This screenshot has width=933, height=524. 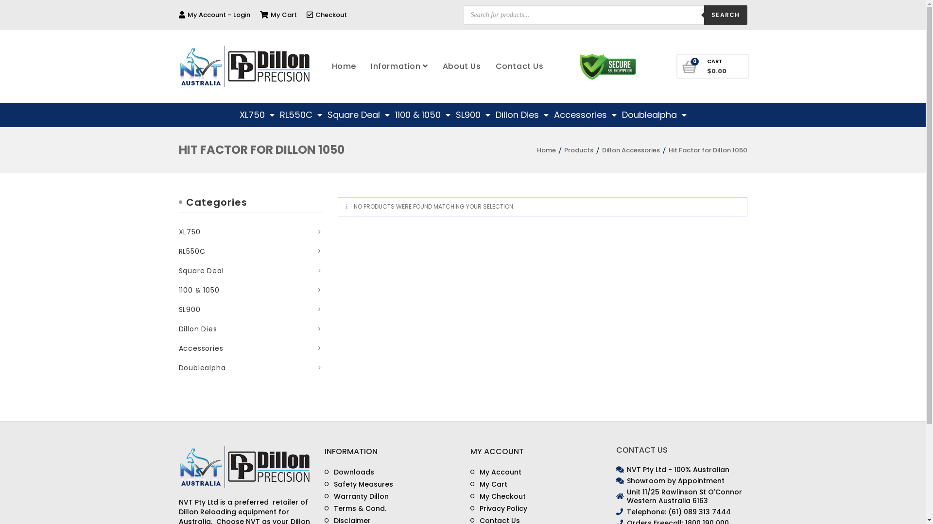 What do you see at coordinates (257, 114) in the screenshot?
I see `'XL750'` at bounding box center [257, 114].